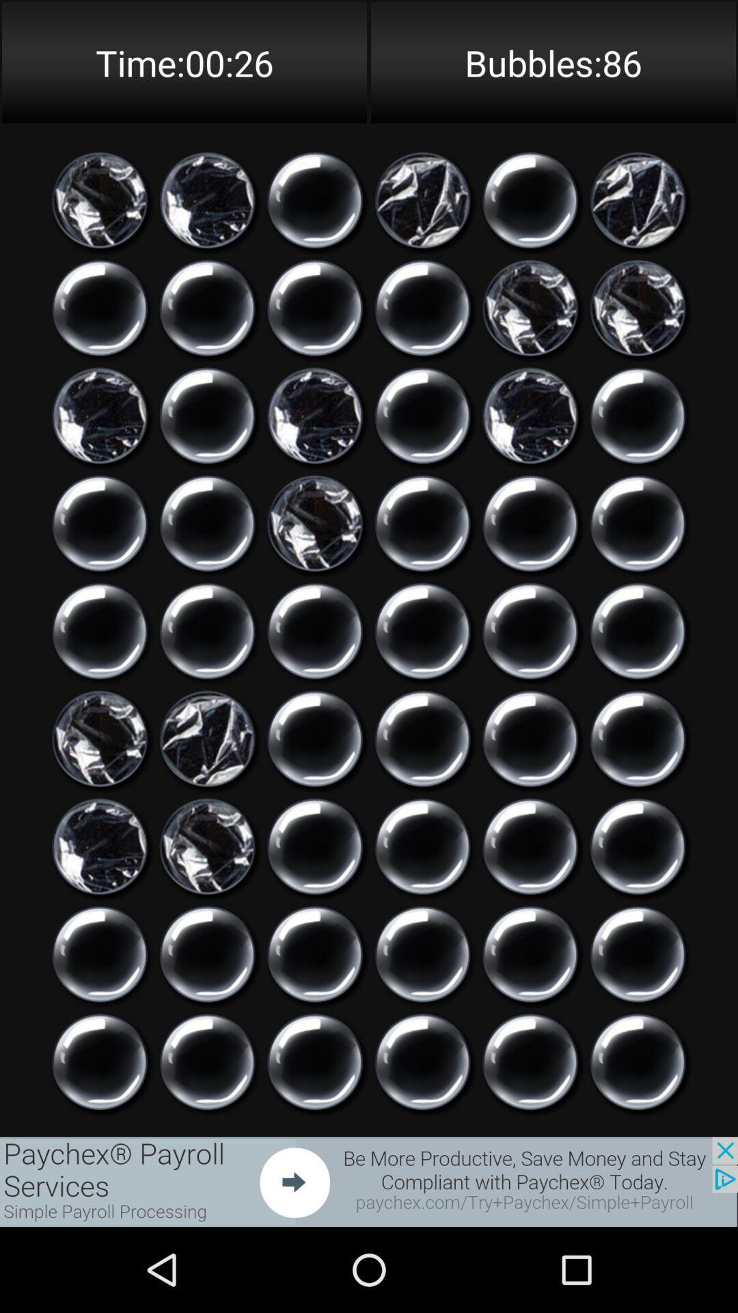  What do you see at coordinates (315, 307) in the screenshot?
I see `pop virtual bubble` at bounding box center [315, 307].